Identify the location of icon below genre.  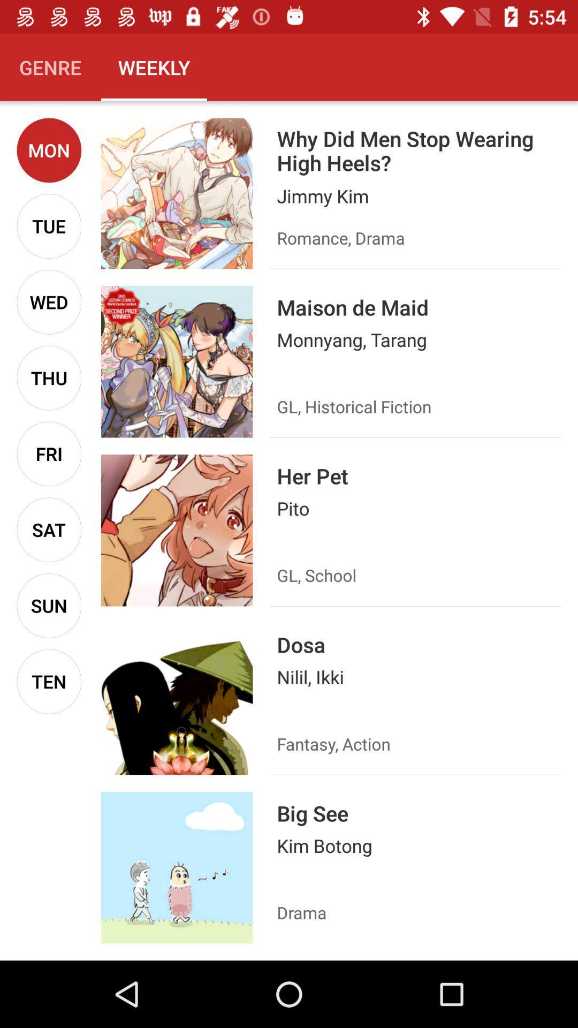
(49, 149).